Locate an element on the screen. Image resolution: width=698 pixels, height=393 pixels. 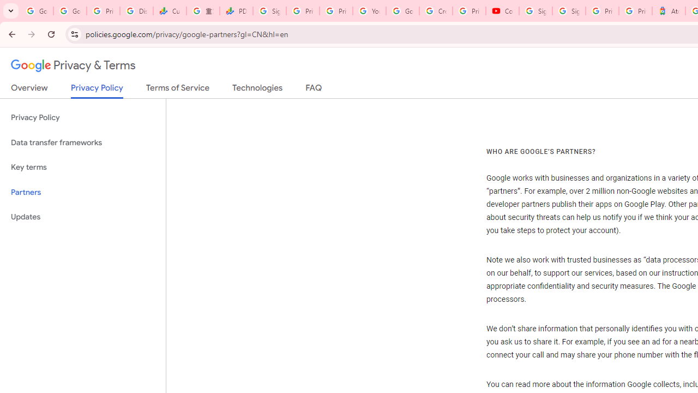
'Privacy & Terms' is located at coordinates (73, 65).